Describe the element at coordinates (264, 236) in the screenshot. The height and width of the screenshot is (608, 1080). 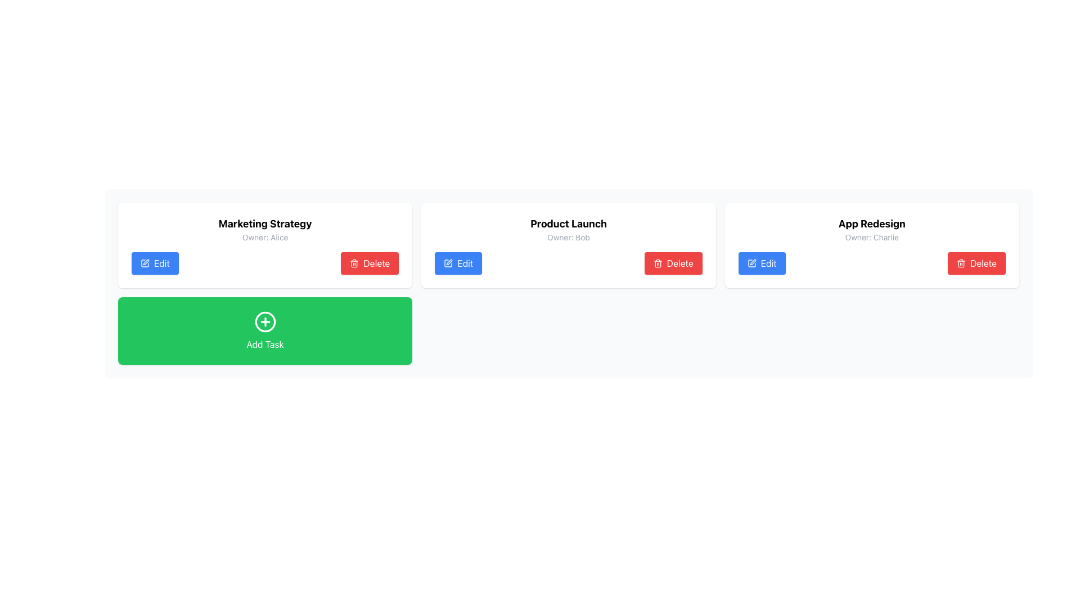
I see `the text label displaying 'Owner: Alice', which is located below the title 'Marketing Strategy' and above the 'Edit' and 'Delete' buttons, within a white card with rounded corners` at that location.